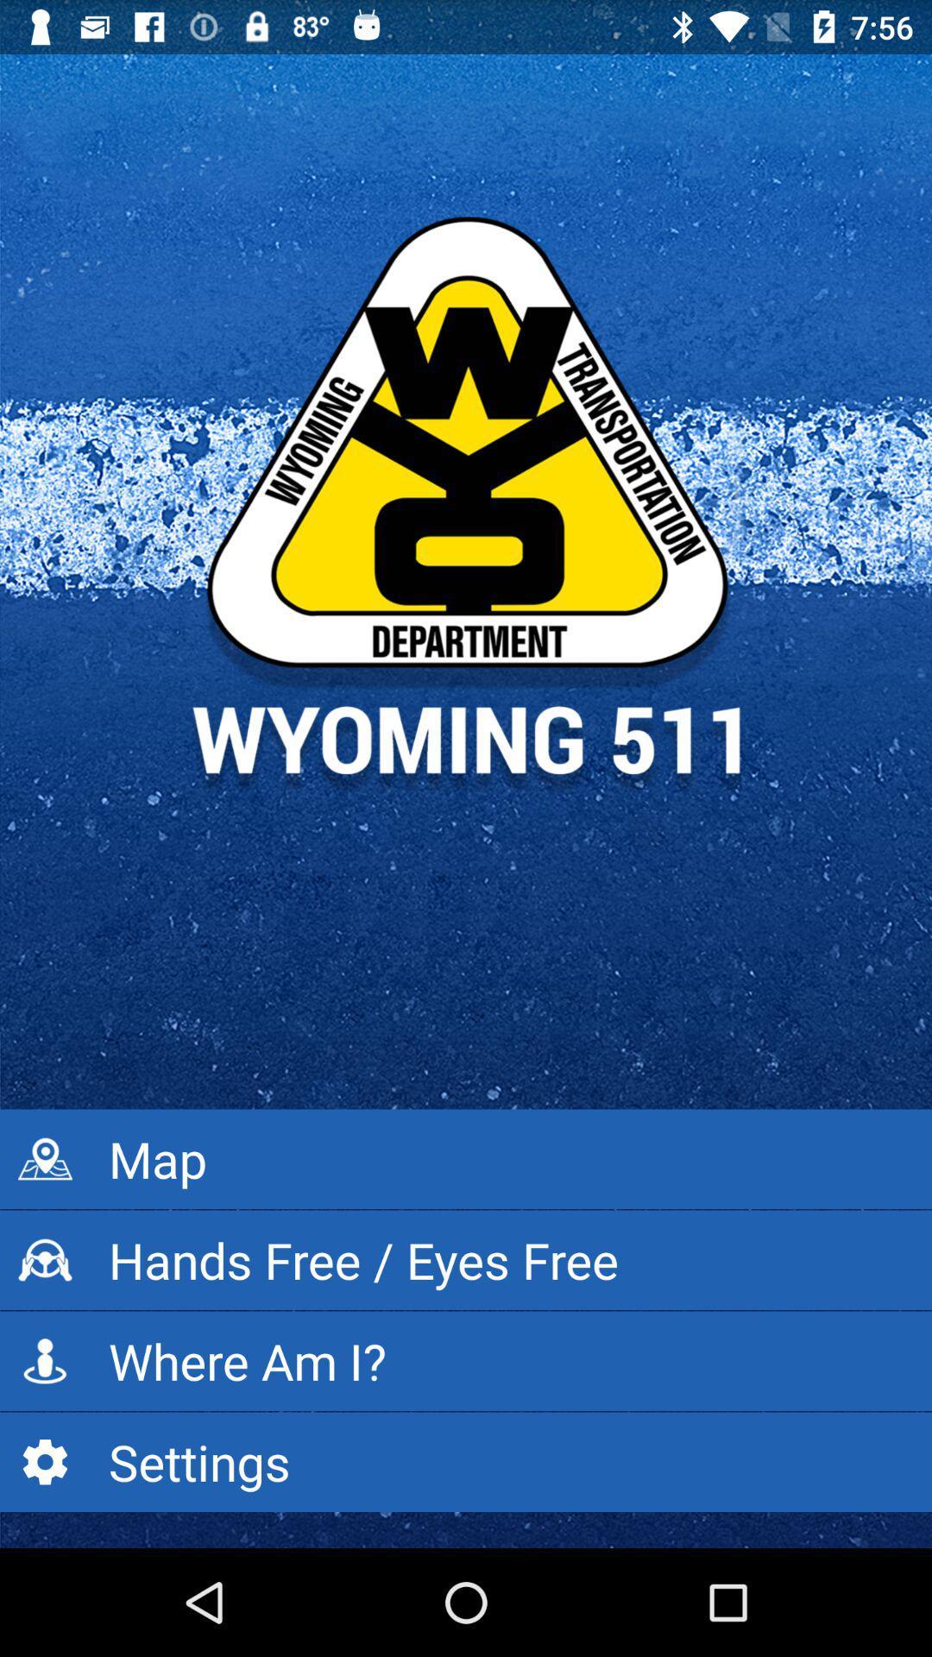 This screenshot has width=932, height=1657. I want to click on settings icon, so click(466, 1461).